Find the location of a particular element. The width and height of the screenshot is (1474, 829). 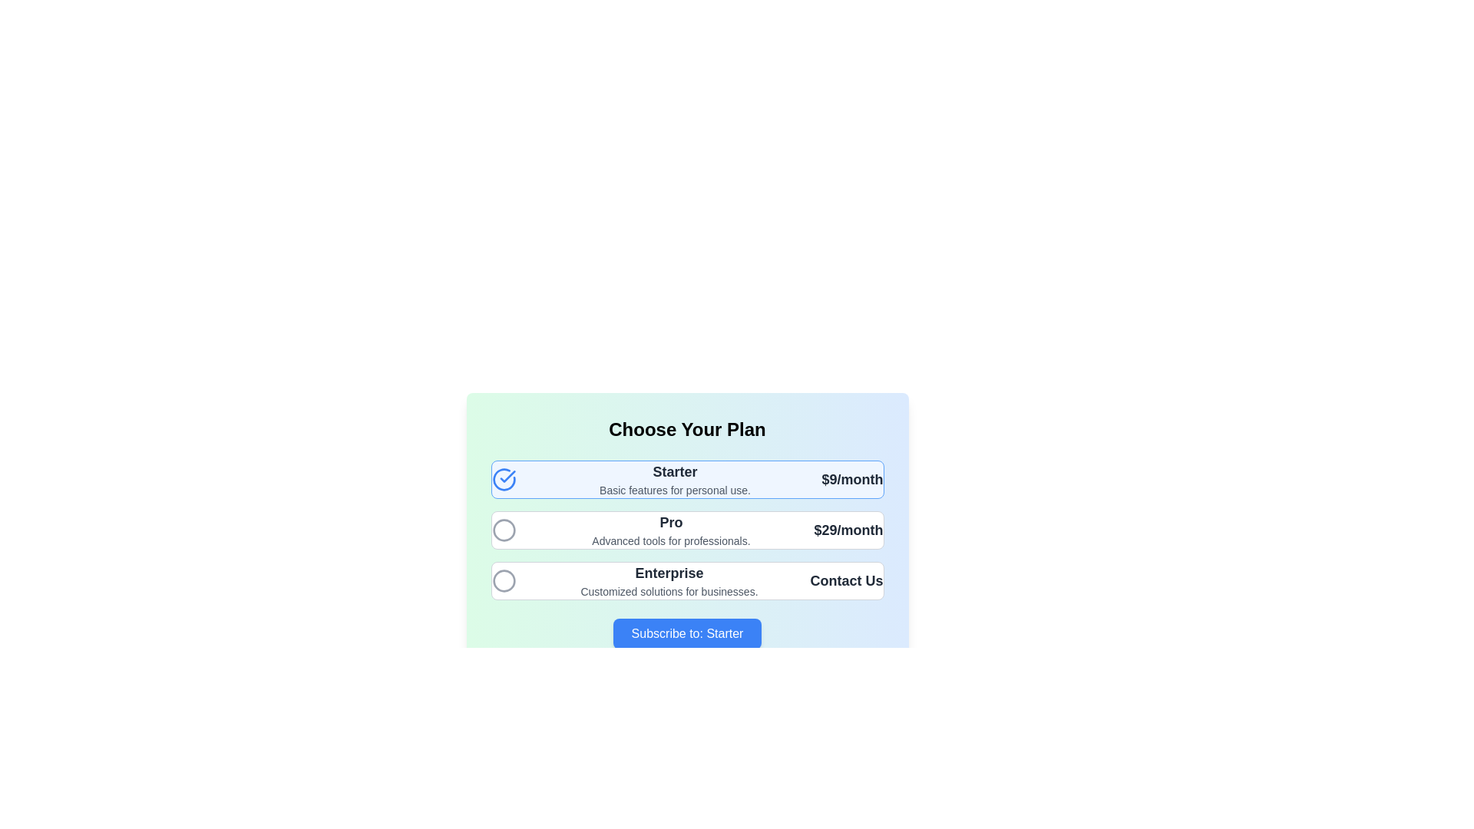

text content of the 'Pro' plan option, which is the second selectable item in a vertically stacked group of plans located below the 'Starter' plan is located at coordinates (686, 529).